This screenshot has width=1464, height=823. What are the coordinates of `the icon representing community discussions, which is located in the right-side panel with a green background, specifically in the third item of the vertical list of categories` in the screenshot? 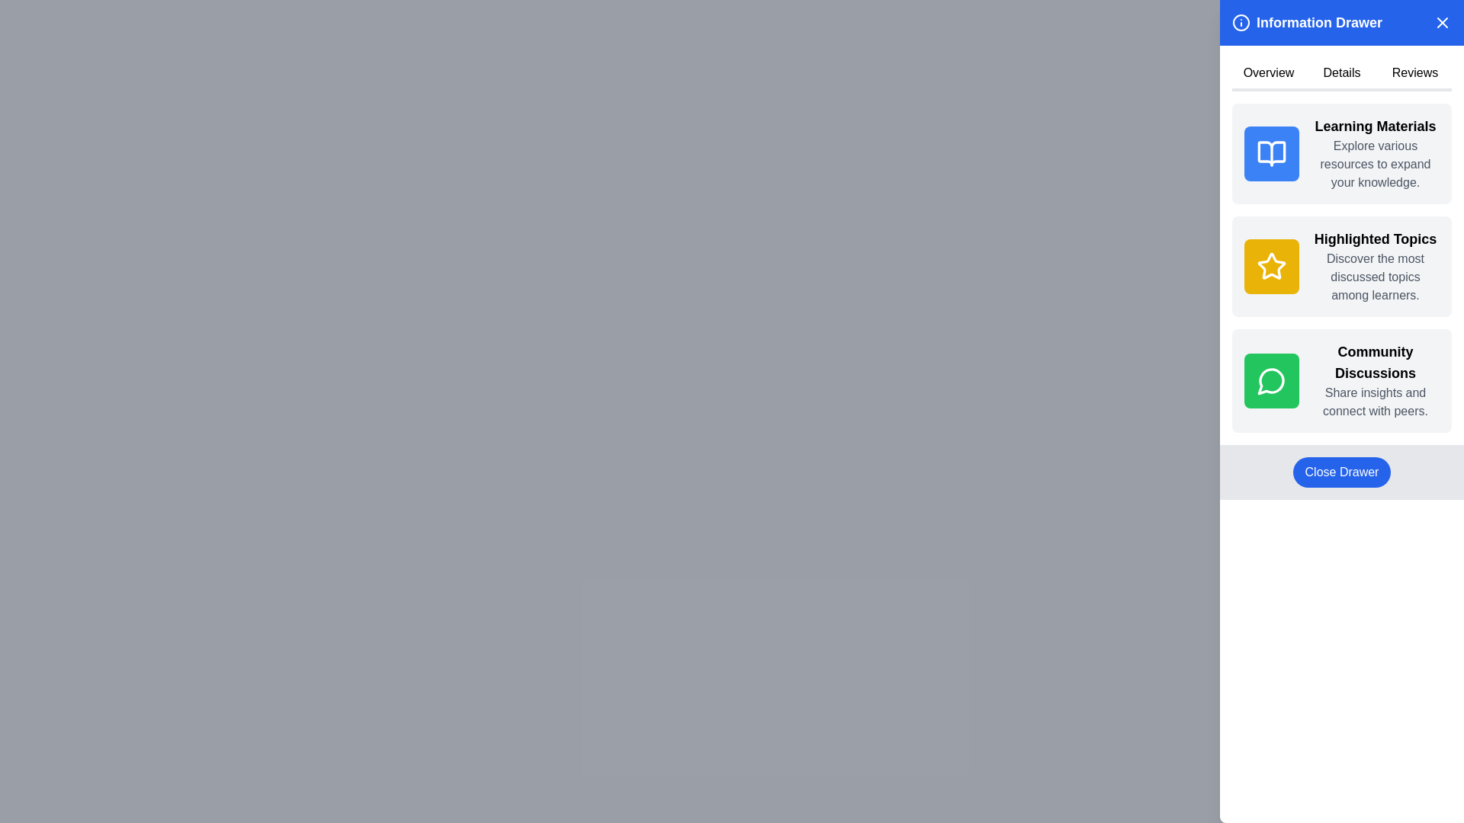 It's located at (1271, 380).